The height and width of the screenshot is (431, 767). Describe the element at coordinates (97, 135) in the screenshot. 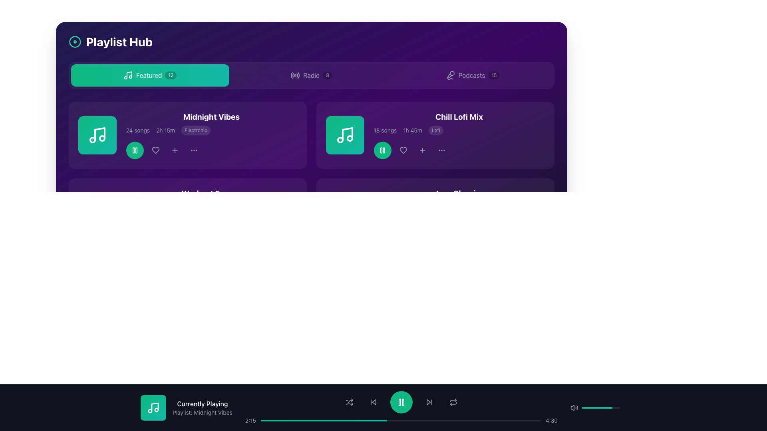

I see `the music playlist icon, which is the leftmost item in the grid and has a teal square background above the label 'Midnight Vibes'` at that location.